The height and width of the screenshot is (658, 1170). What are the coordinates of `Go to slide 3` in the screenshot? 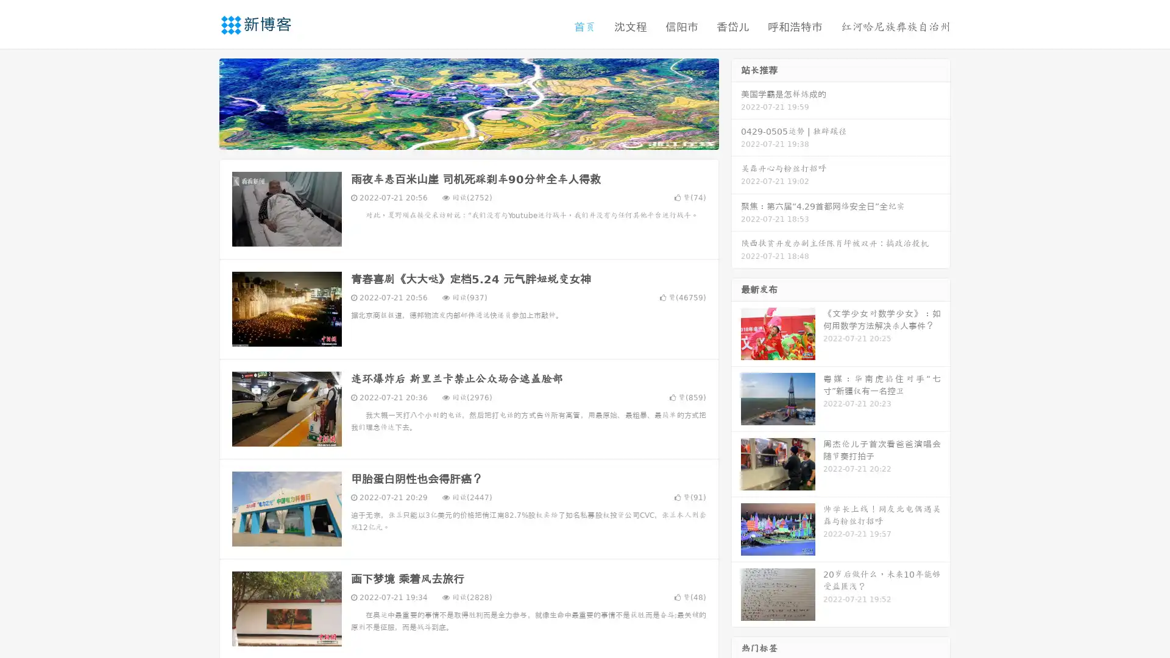 It's located at (481, 137).